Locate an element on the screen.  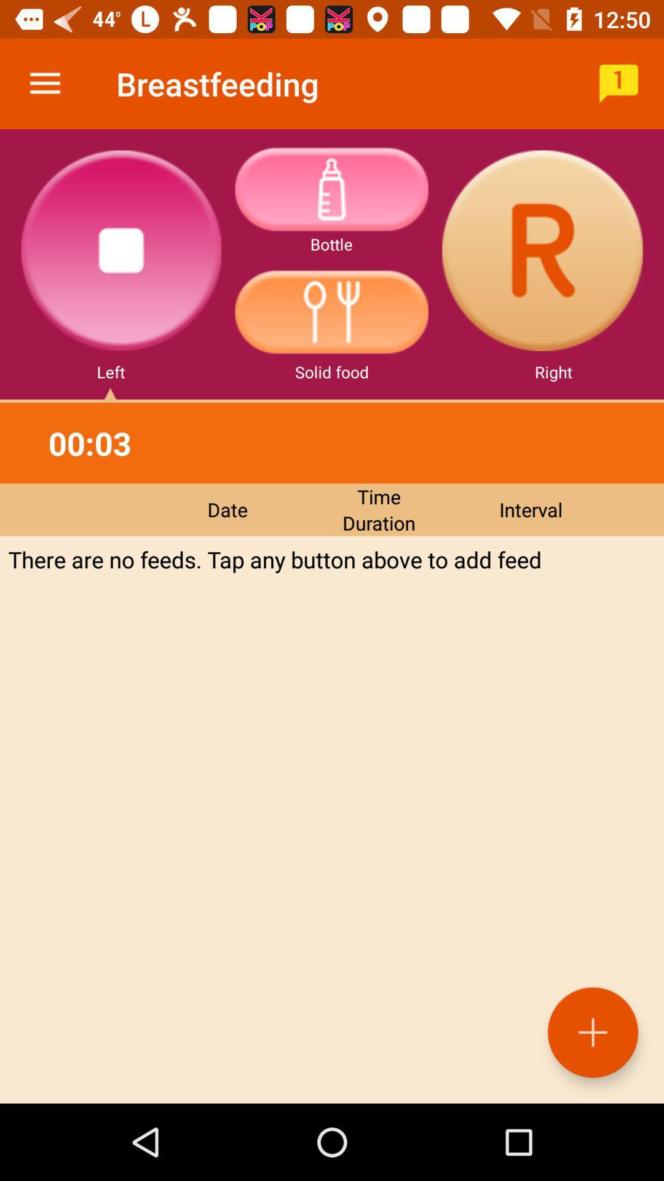
the more icon is located at coordinates (331, 188).